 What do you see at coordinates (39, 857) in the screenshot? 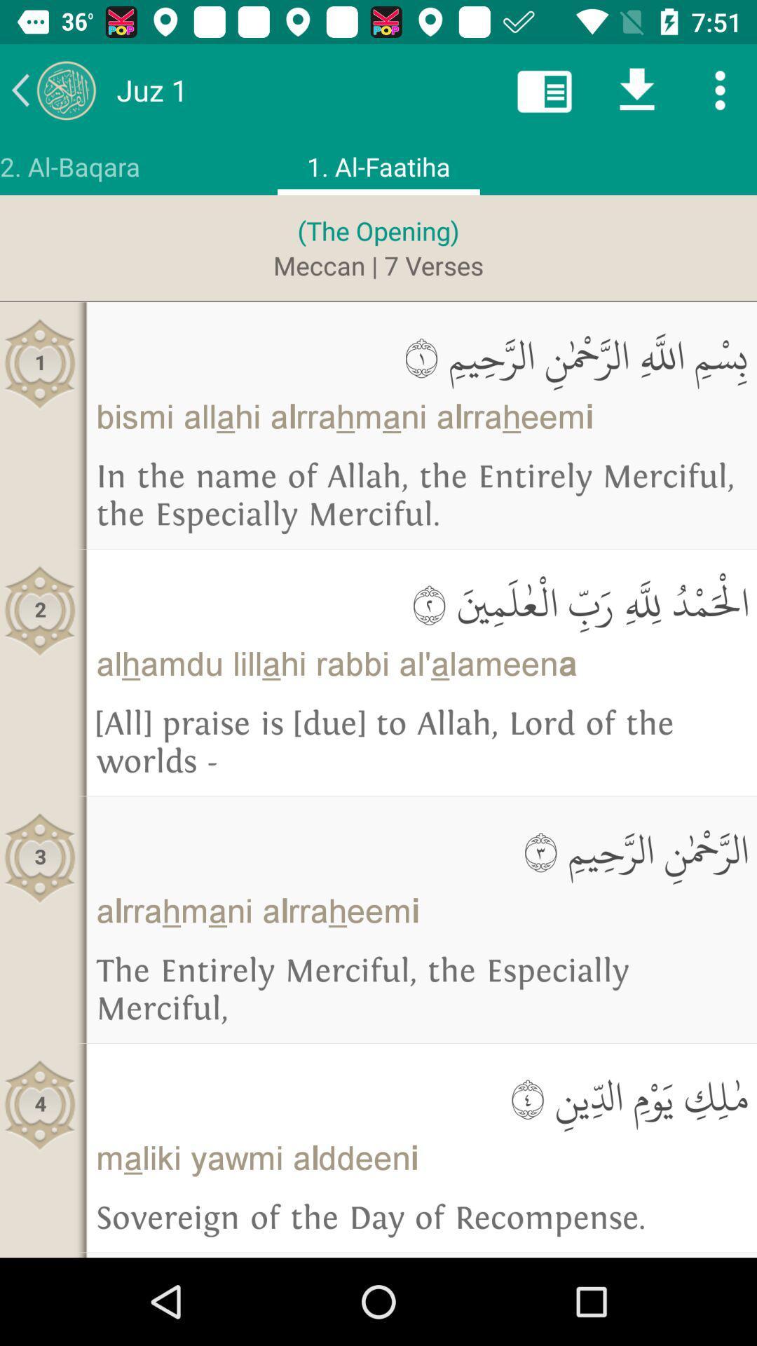
I see `3 icon` at bounding box center [39, 857].